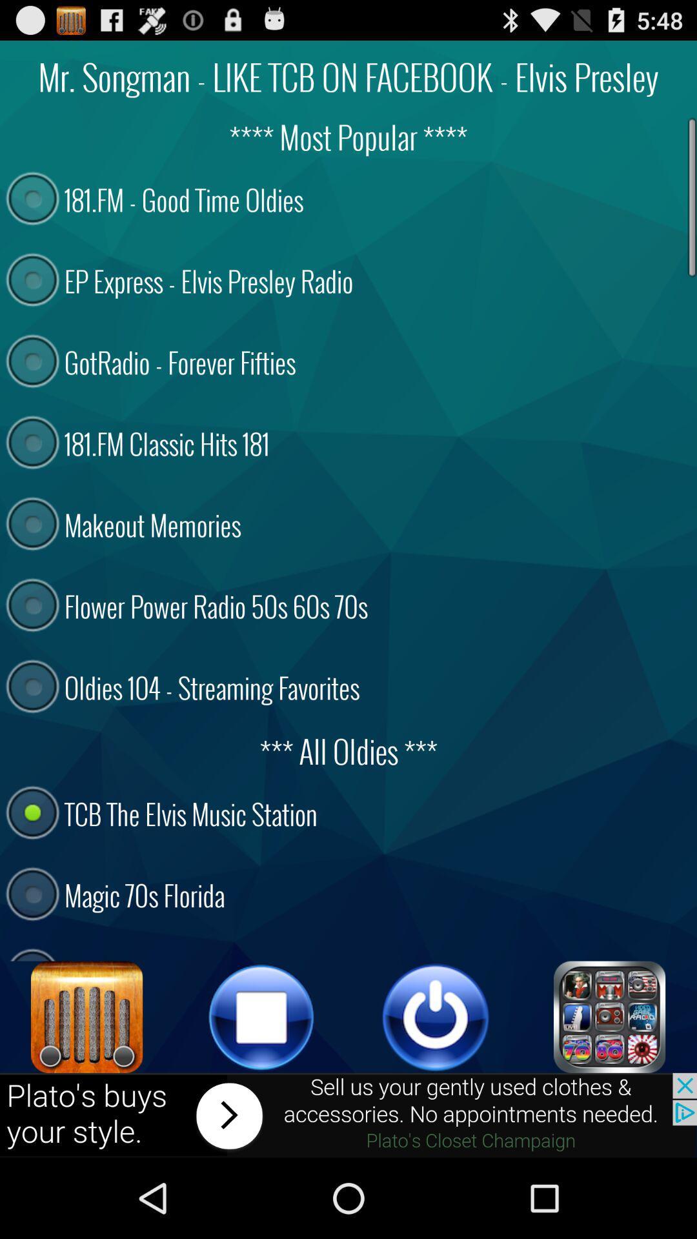 The width and height of the screenshot is (697, 1239). What do you see at coordinates (436, 1087) in the screenshot?
I see `the power icon` at bounding box center [436, 1087].